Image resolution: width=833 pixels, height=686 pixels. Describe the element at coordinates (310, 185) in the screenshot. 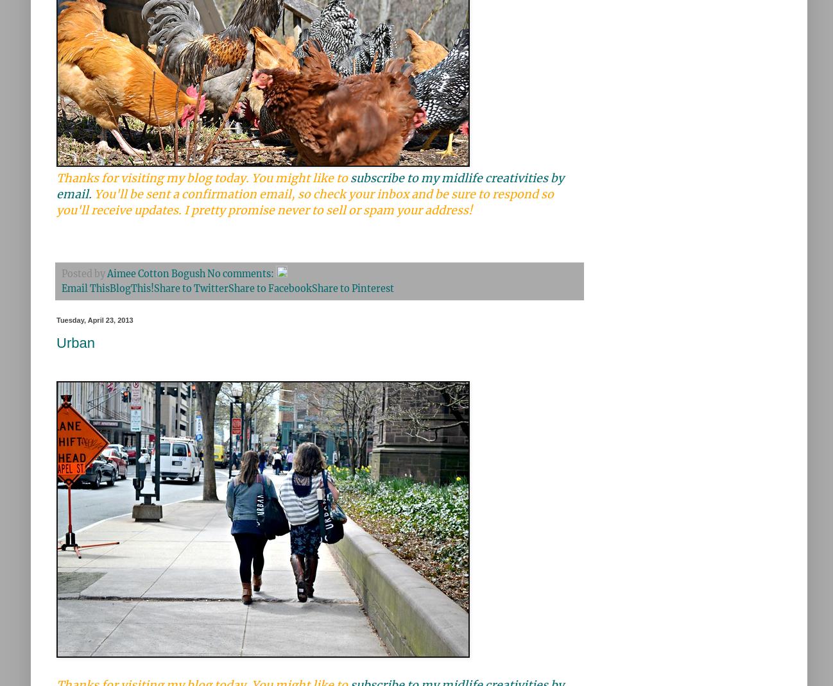

I see `'subscribe to my midlife creativities by email.'` at that location.